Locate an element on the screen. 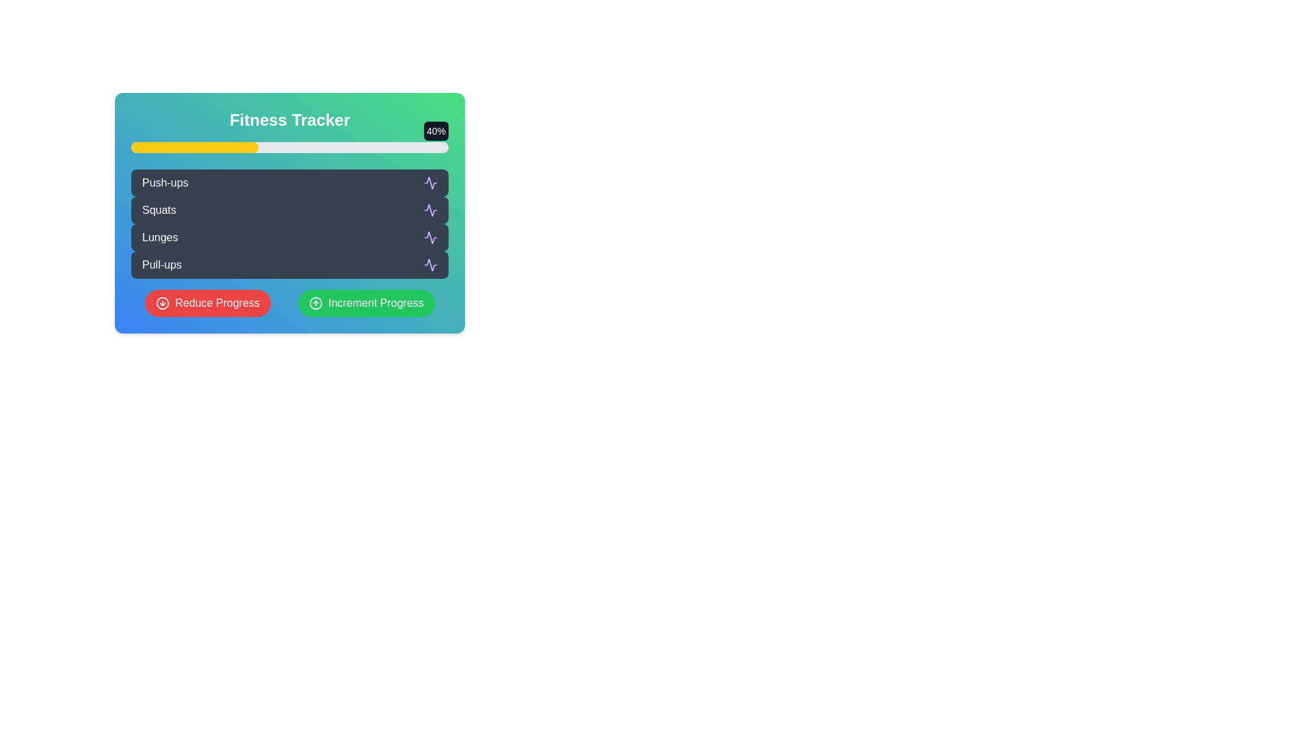 This screenshot has width=1313, height=738. the text label representing the exercise name 'Squats' located in the second row of a vertically listed group within a fitness tracker interface is located at coordinates (159, 210).